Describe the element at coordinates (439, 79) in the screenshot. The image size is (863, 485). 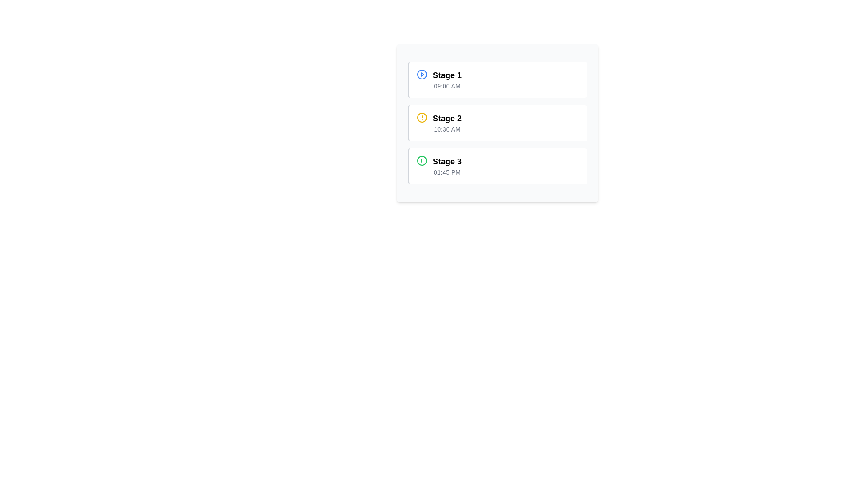
I see `the blue circular play icon in the labeled item 'Stage 1'` at that location.